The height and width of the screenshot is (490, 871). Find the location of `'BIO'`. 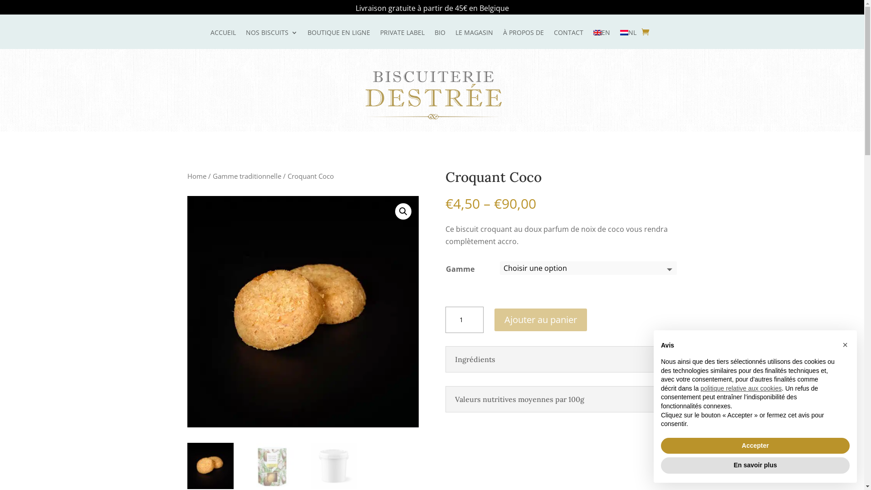

'BIO' is located at coordinates (434, 39).